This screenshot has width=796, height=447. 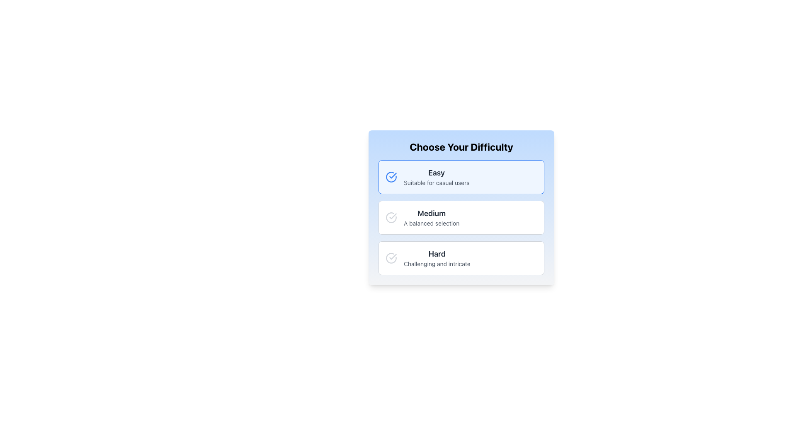 What do you see at coordinates (391, 217) in the screenshot?
I see `the visual indicator icon marking the 'Medium' difficulty level located on the left side of the second card in the 'Choose Your Difficulty' section` at bounding box center [391, 217].